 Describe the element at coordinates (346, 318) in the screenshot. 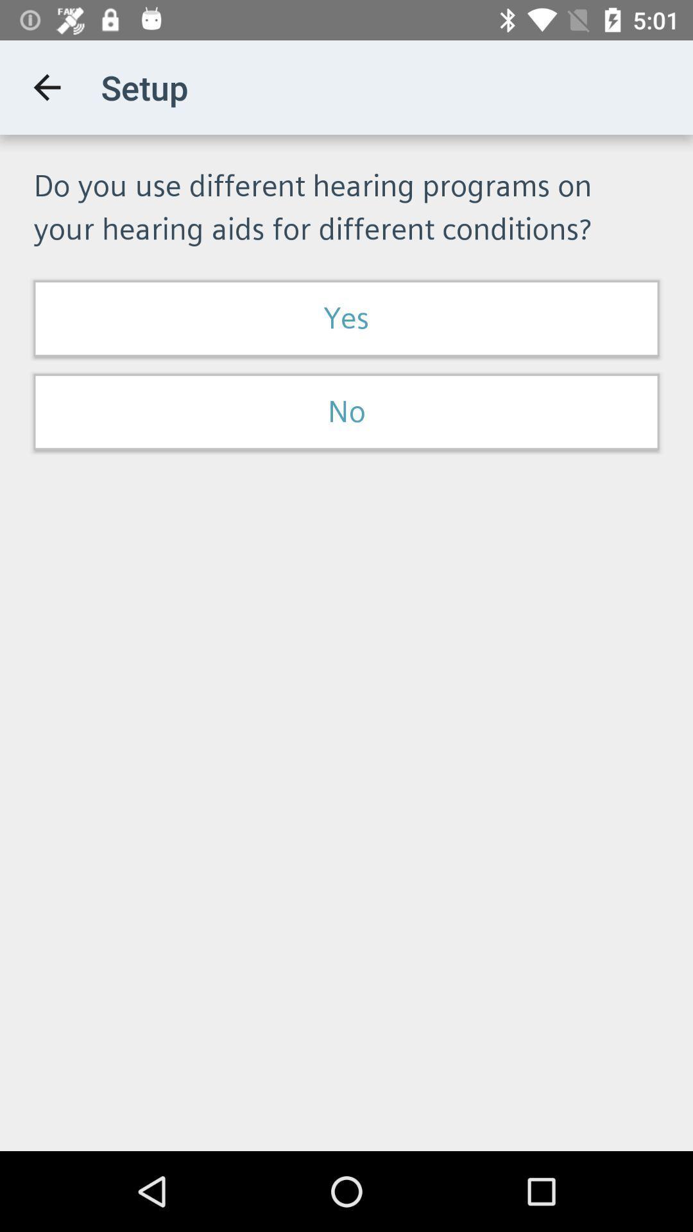

I see `the icon below do you use icon` at that location.